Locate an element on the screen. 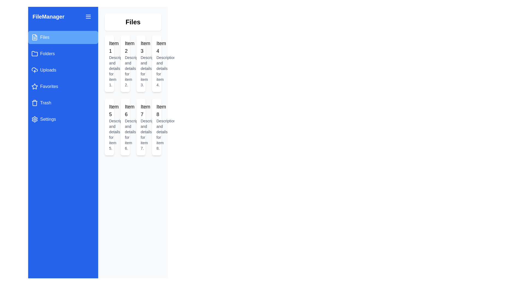 This screenshot has height=295, width=525. the Display card that shows 'Item 8', which is located in the second row and fourth column of the grid layout is located at coordinates (156, 127).